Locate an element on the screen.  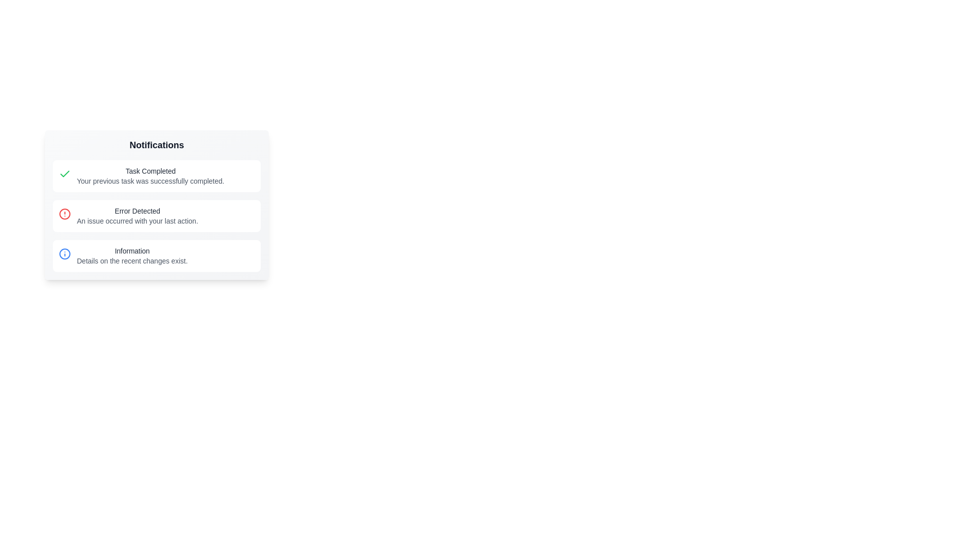
title from the Text Header at the top of the notification card, which serves as the header indicating the content type is located at coordinates (156, 145).